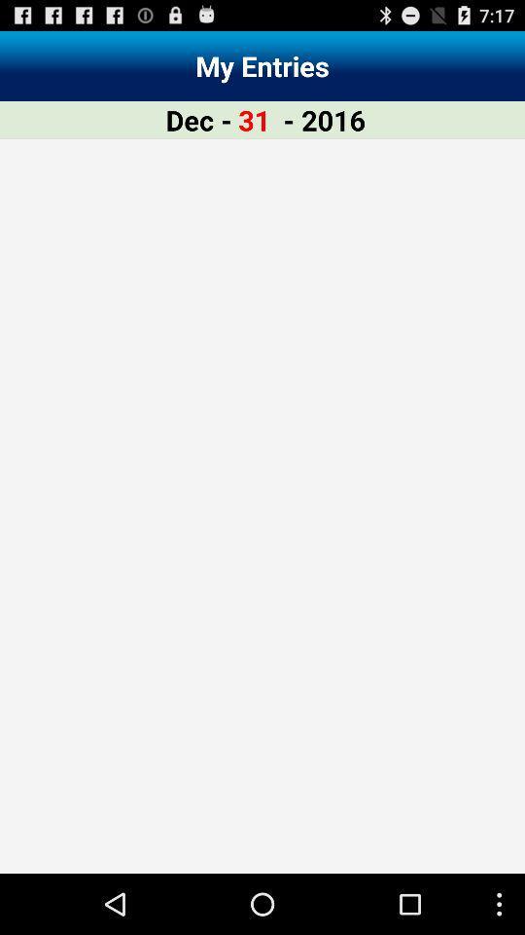  I want to click on the item to the left of the 31 item, so click(197, 119).